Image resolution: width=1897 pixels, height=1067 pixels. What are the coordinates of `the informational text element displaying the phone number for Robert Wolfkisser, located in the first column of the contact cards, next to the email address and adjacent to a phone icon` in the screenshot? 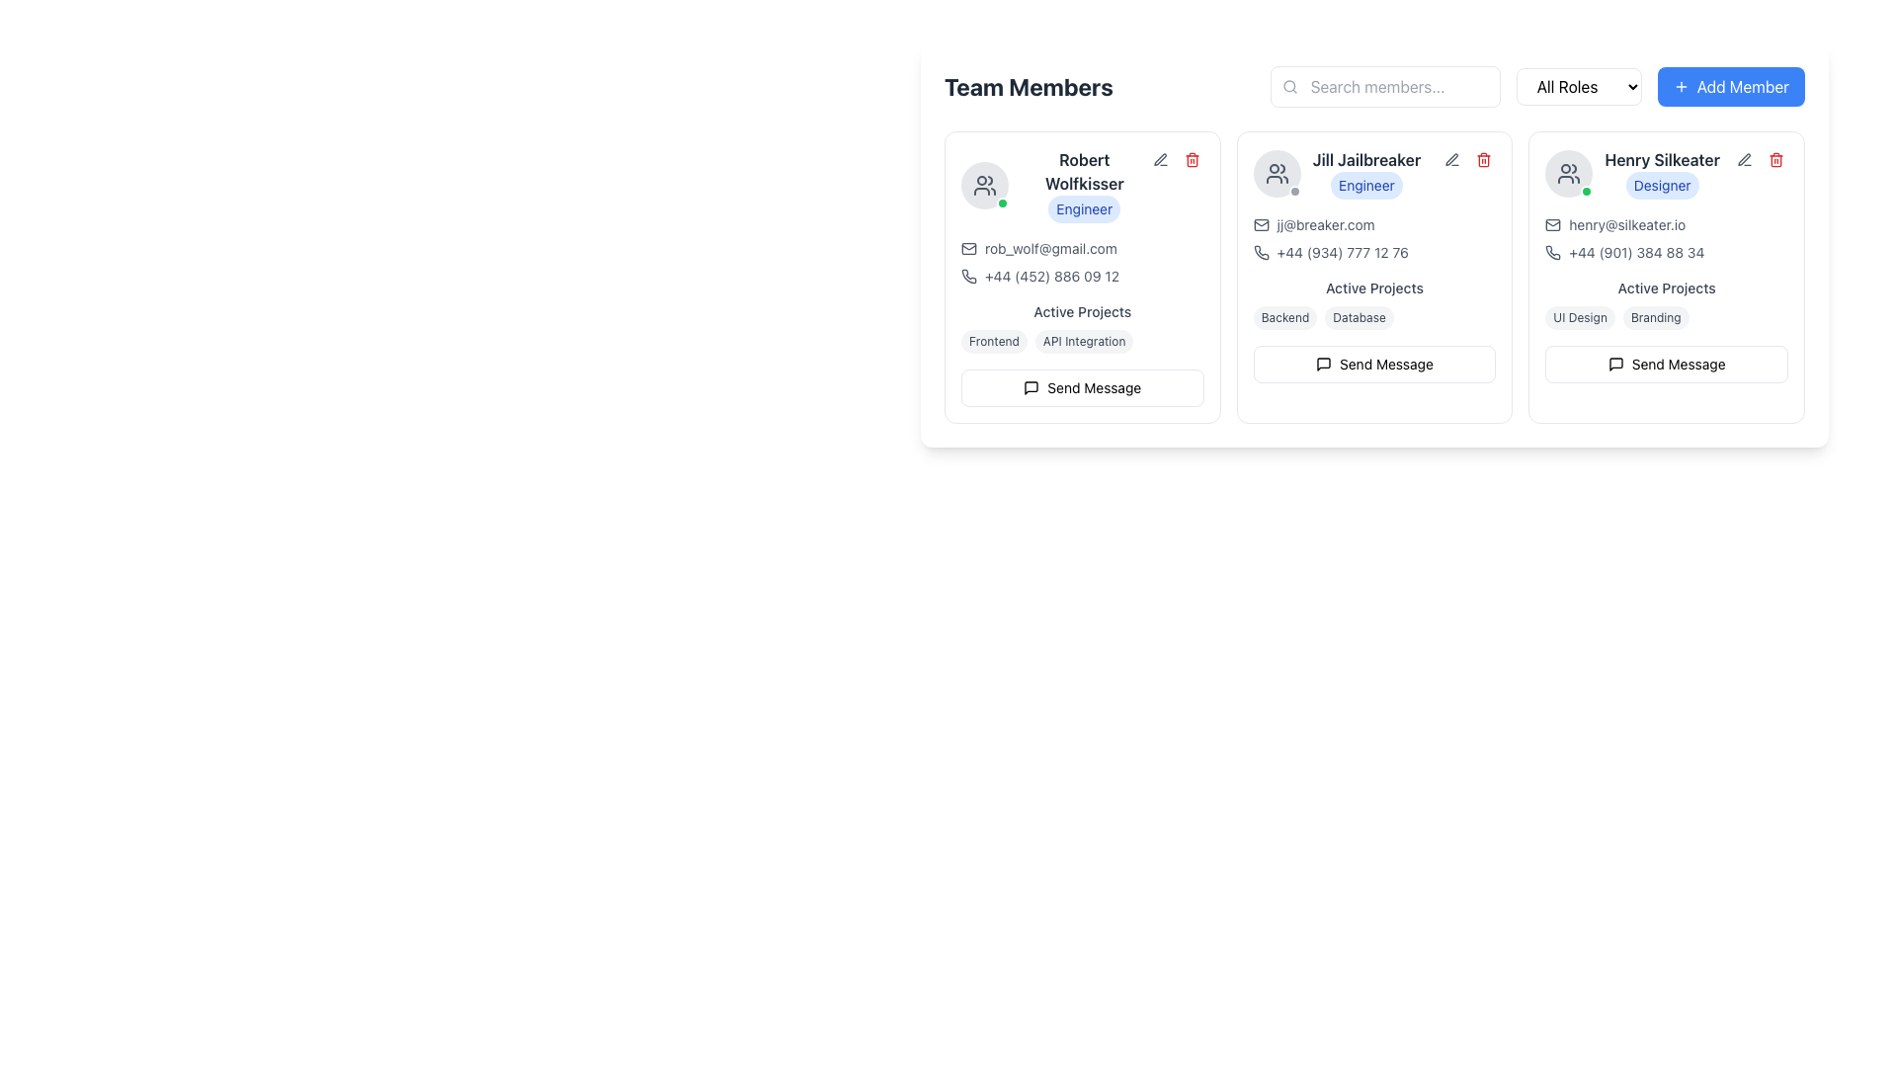 It's located at (1051, 277).